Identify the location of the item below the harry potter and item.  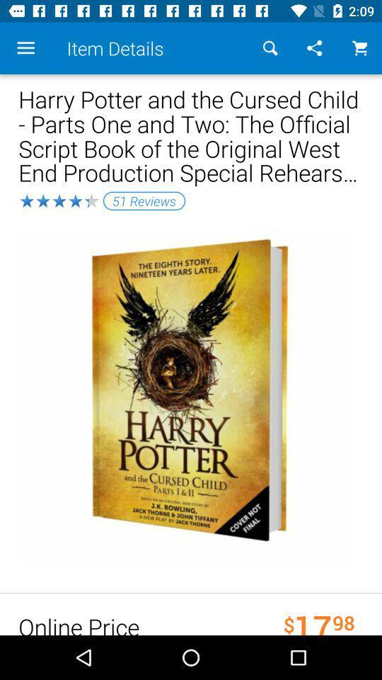
(144, 200).